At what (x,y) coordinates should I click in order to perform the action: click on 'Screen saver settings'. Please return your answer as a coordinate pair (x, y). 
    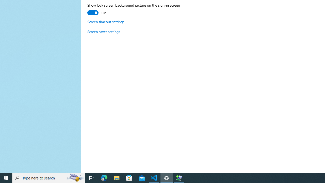
    Looking at the image, I should click on (103, 32).